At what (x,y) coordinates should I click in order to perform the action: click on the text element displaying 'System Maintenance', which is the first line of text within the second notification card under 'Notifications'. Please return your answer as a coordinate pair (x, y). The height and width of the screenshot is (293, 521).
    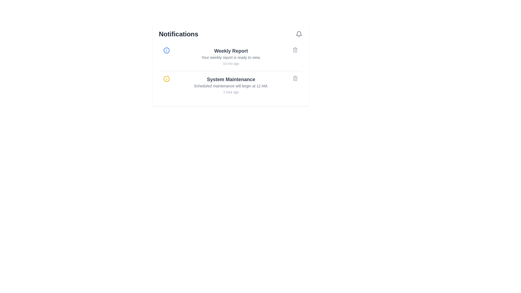
    Looking at the image, I should click on (231, 79).